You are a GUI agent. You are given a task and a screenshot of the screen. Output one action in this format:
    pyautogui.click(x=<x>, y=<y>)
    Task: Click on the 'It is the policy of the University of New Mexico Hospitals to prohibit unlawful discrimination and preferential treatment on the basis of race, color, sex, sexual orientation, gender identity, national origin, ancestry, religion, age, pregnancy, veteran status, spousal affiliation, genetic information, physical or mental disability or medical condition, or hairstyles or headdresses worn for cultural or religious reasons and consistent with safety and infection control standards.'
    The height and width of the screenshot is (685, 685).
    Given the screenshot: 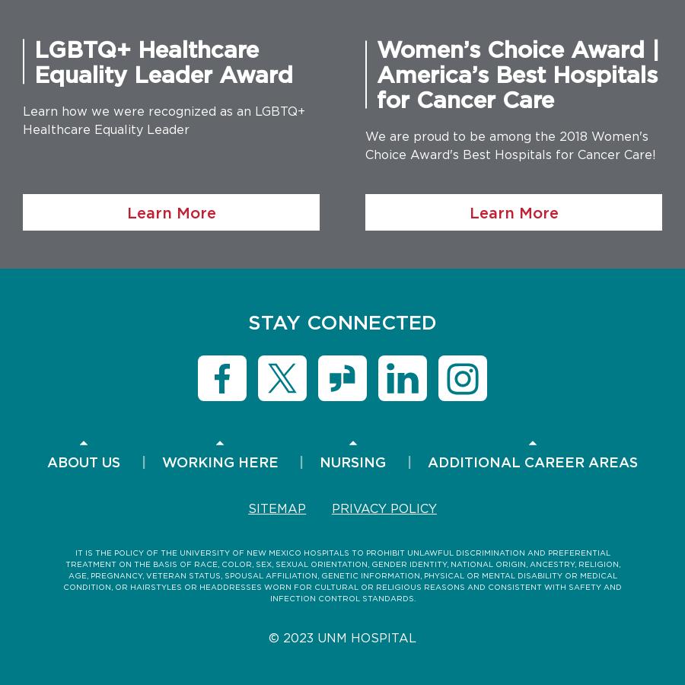 What is the action you would take?
    pyautogui.click(x=342, y=575)
    